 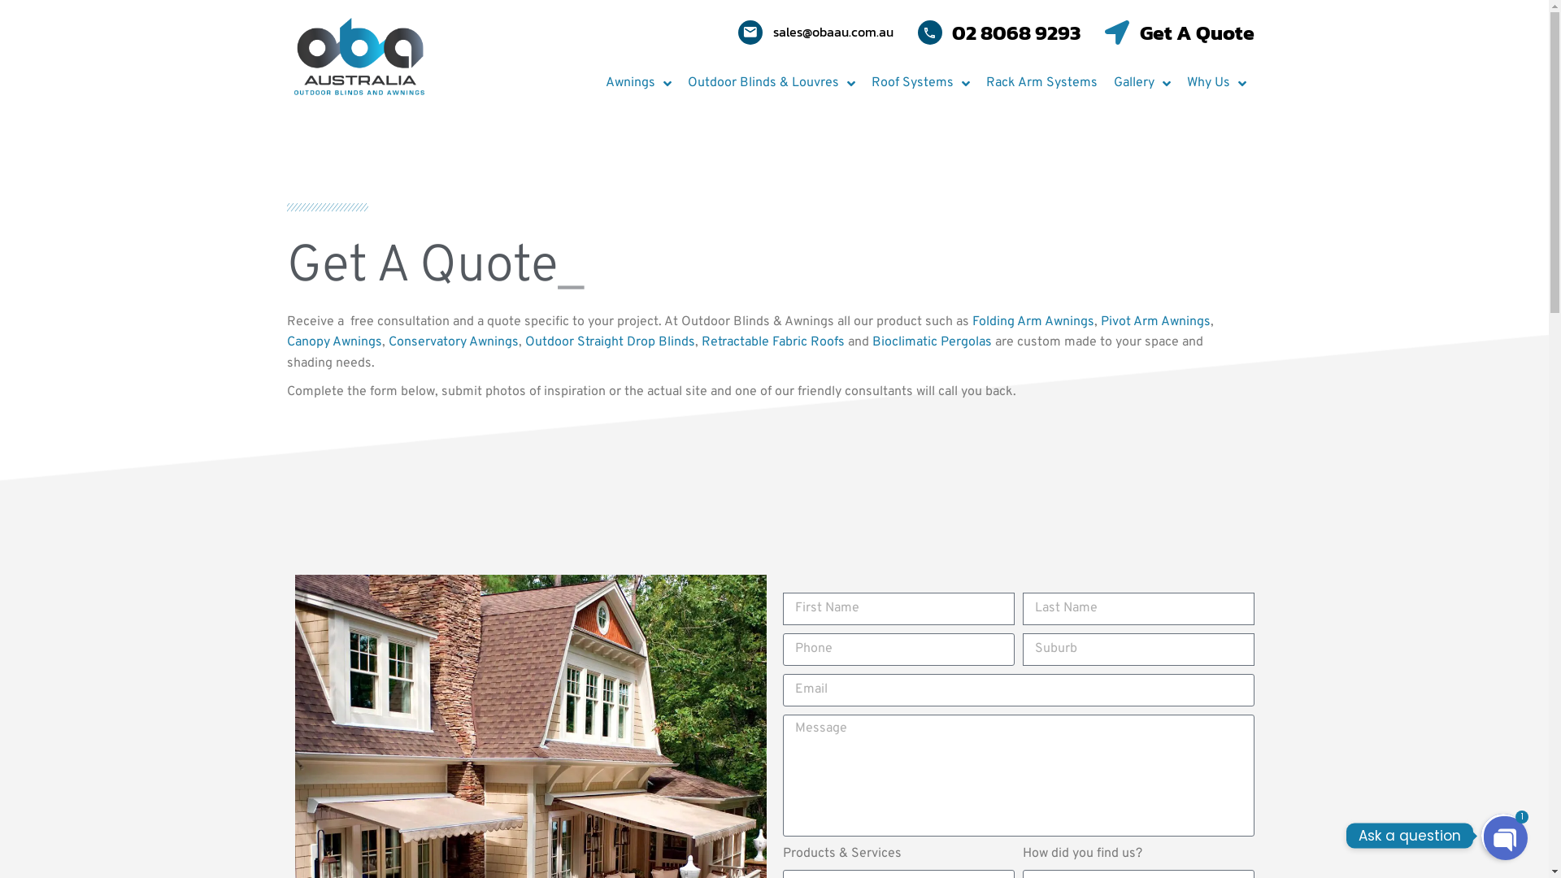 I want to click on 'Get A Quote', so click(x=1104, y=32).